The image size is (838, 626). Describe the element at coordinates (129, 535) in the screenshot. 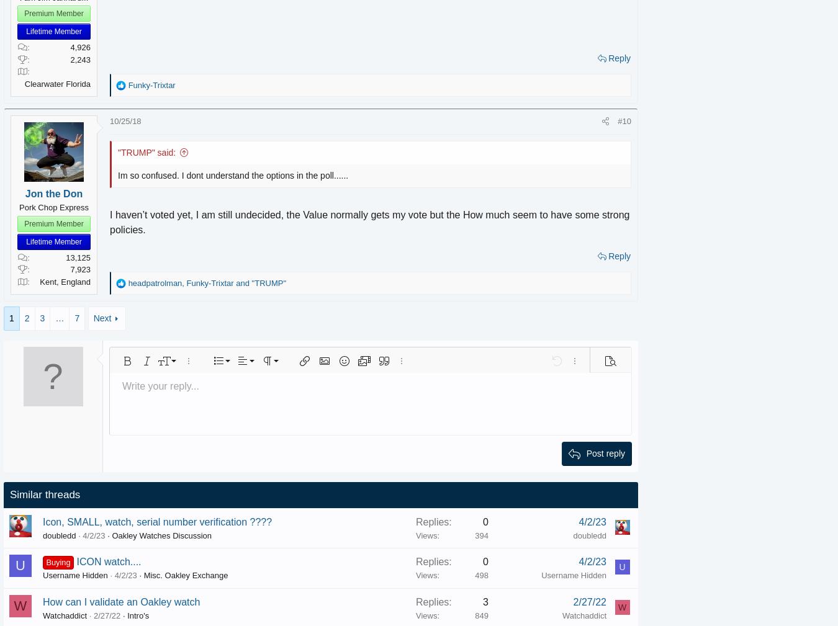

I see `'Oakley Watches Discussion'` at that location.